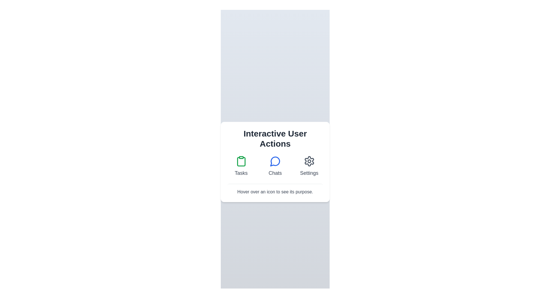 This screenshot has width=540, height=304. Describe the element at coordinates (241, 173) in the screenshot. I see `the 'Tasks' text label located below the green clipboard icon in the user actions section of the interface` at that location.